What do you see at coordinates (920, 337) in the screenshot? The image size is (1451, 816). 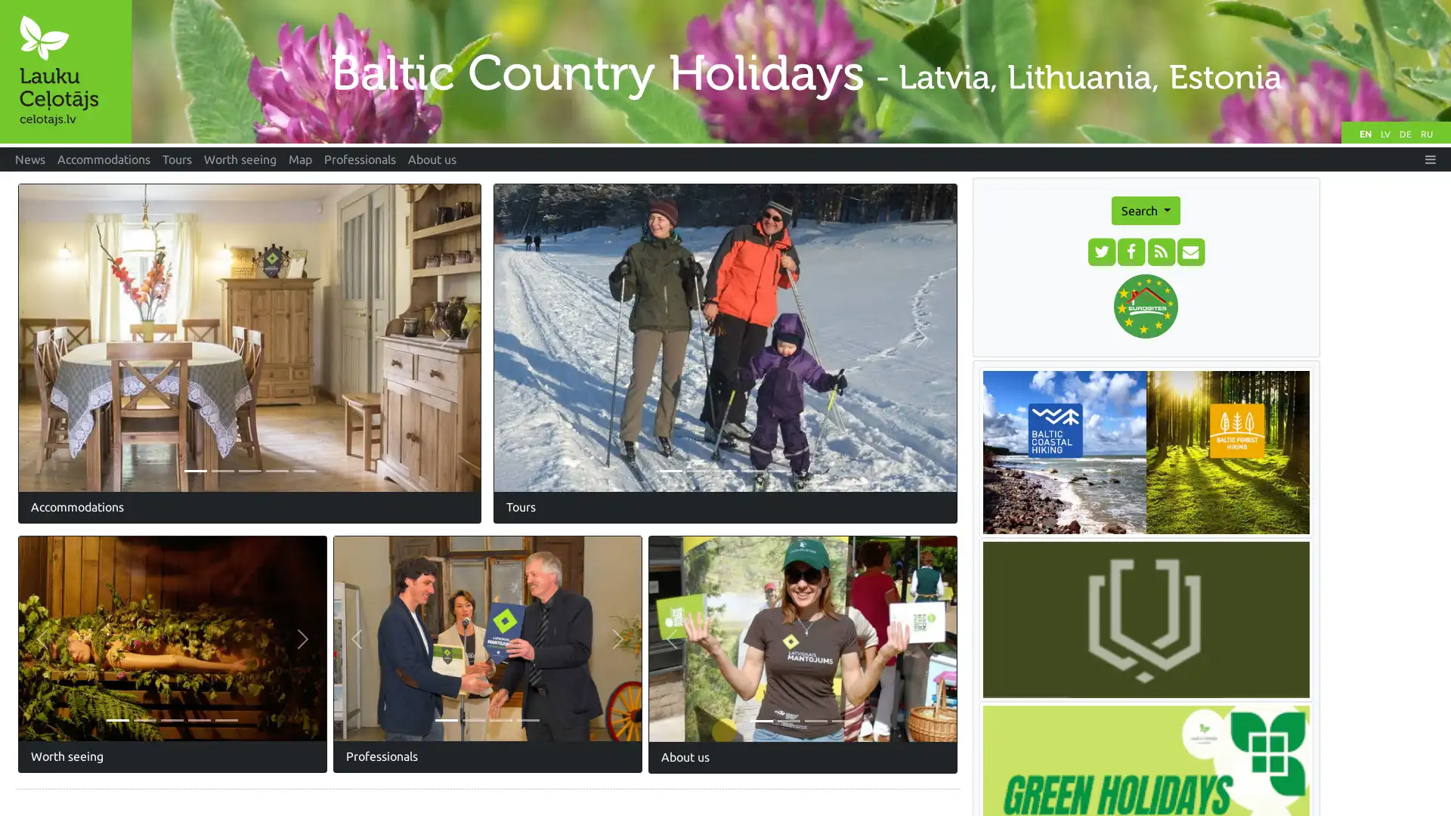 I see `Next` at bounding box center [920, 337].